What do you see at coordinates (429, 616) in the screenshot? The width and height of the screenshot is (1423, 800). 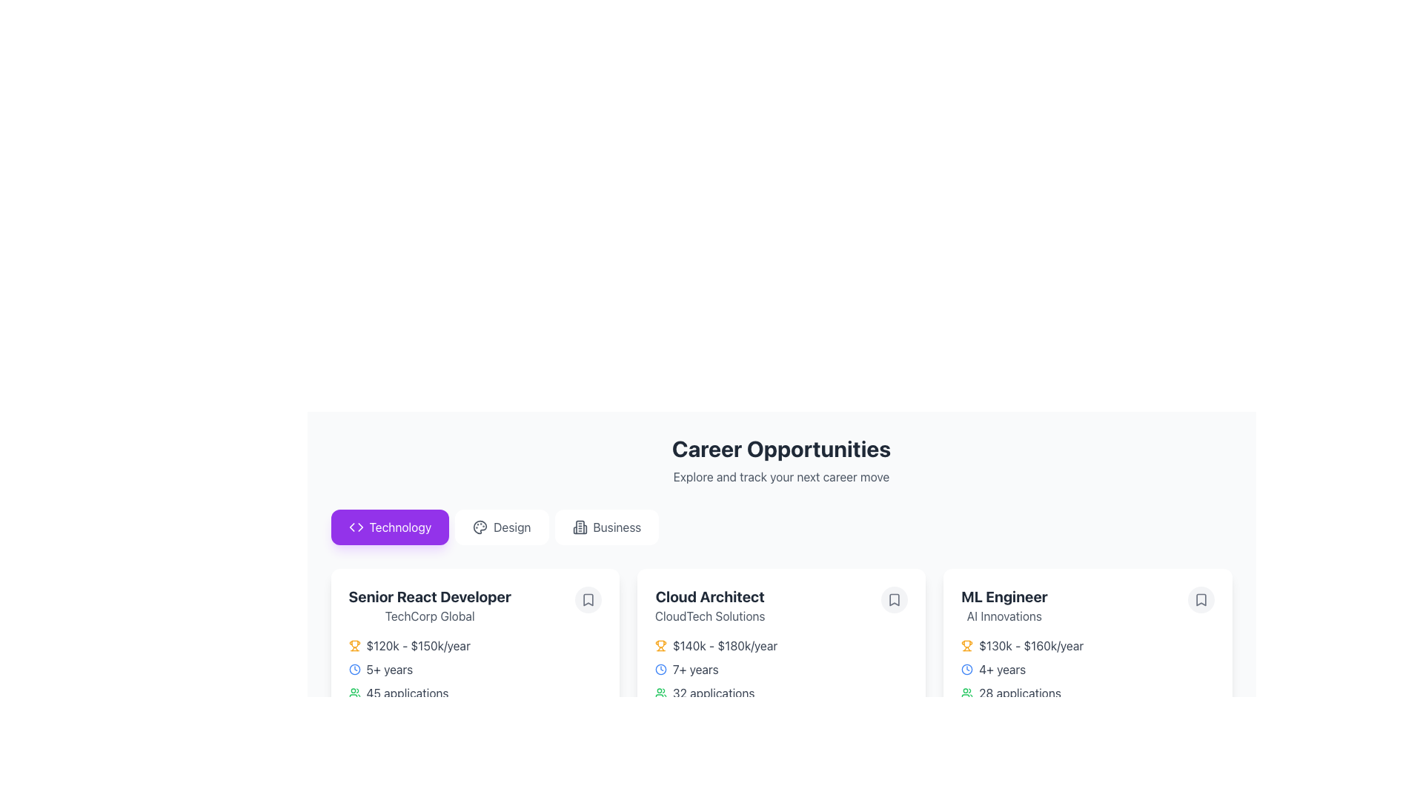 I see `the company name text label located underneath the 'Senior React Developer' title within the job card layout` at bounding box center [429, 616].